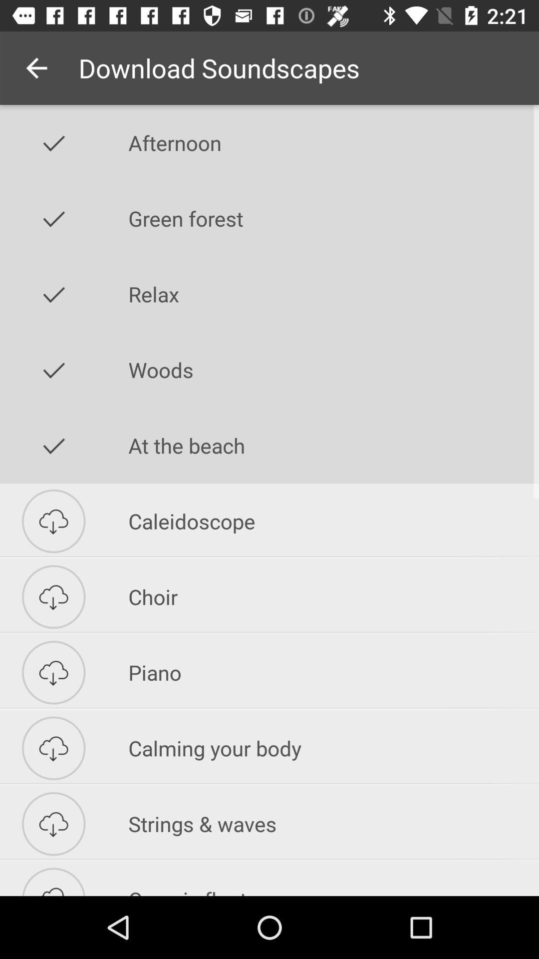 This screenshot has height=959, width=539. I want to click on icon below the green forest icon, so click(333, 294).